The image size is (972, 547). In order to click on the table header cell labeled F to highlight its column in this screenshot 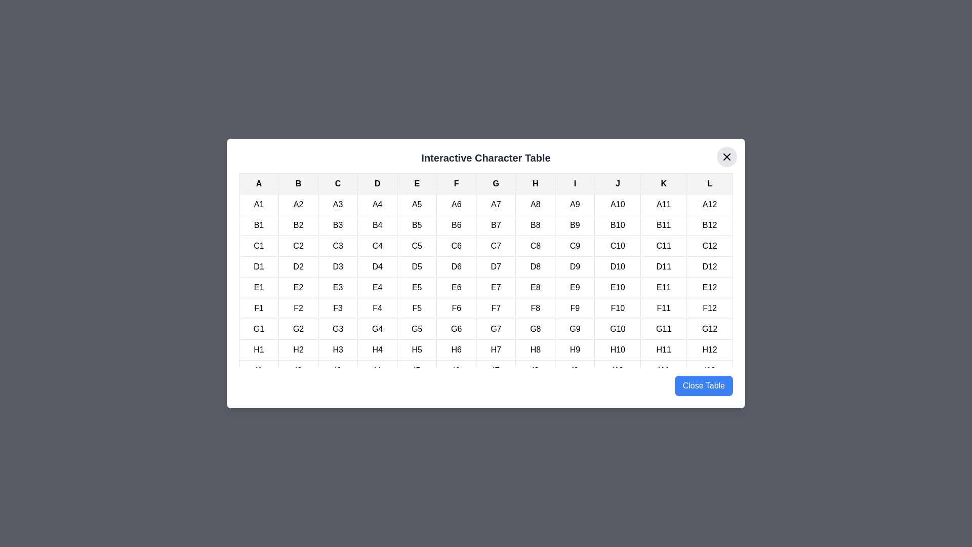, I will do `click(456, 183)`.